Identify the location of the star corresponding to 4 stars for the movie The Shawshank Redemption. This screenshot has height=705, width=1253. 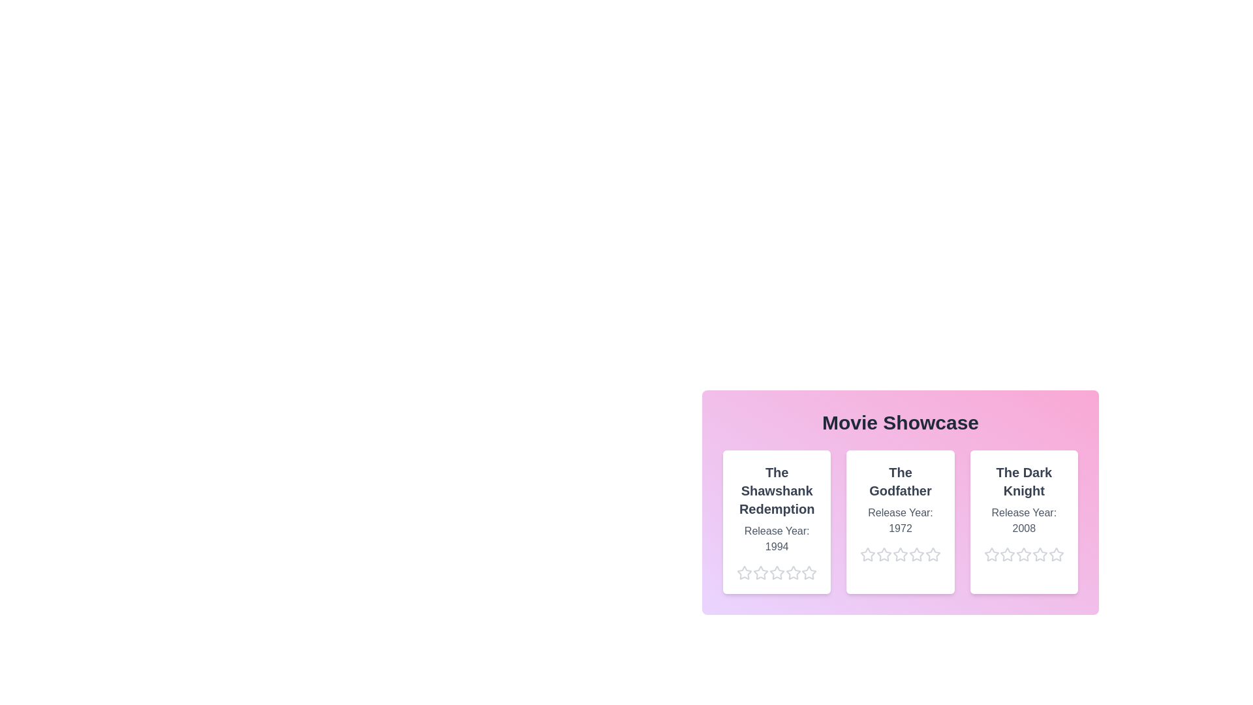
(784, 572).